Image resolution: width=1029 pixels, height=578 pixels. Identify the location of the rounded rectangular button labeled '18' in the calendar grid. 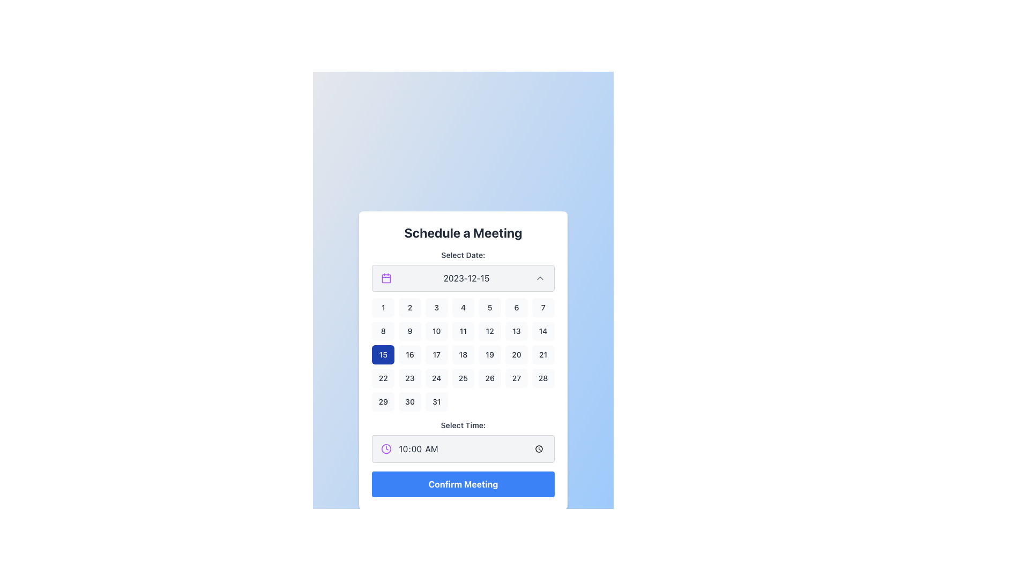
(463, 355).